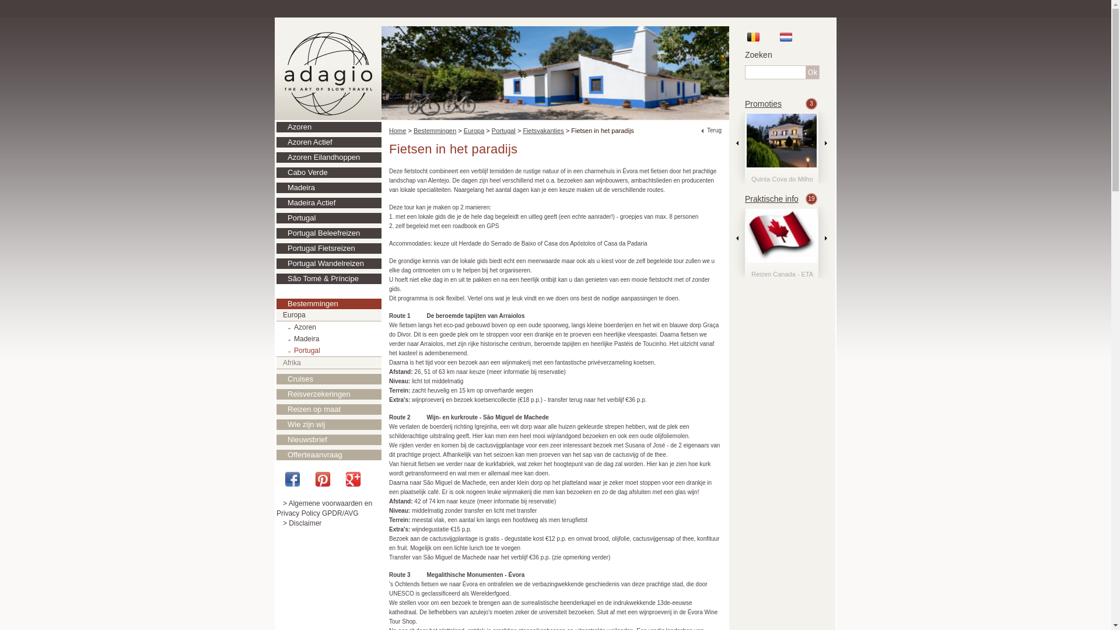  Describe the element at coordinates (772, 198) in the screenshot. I see `'Praktische info'` at that location.